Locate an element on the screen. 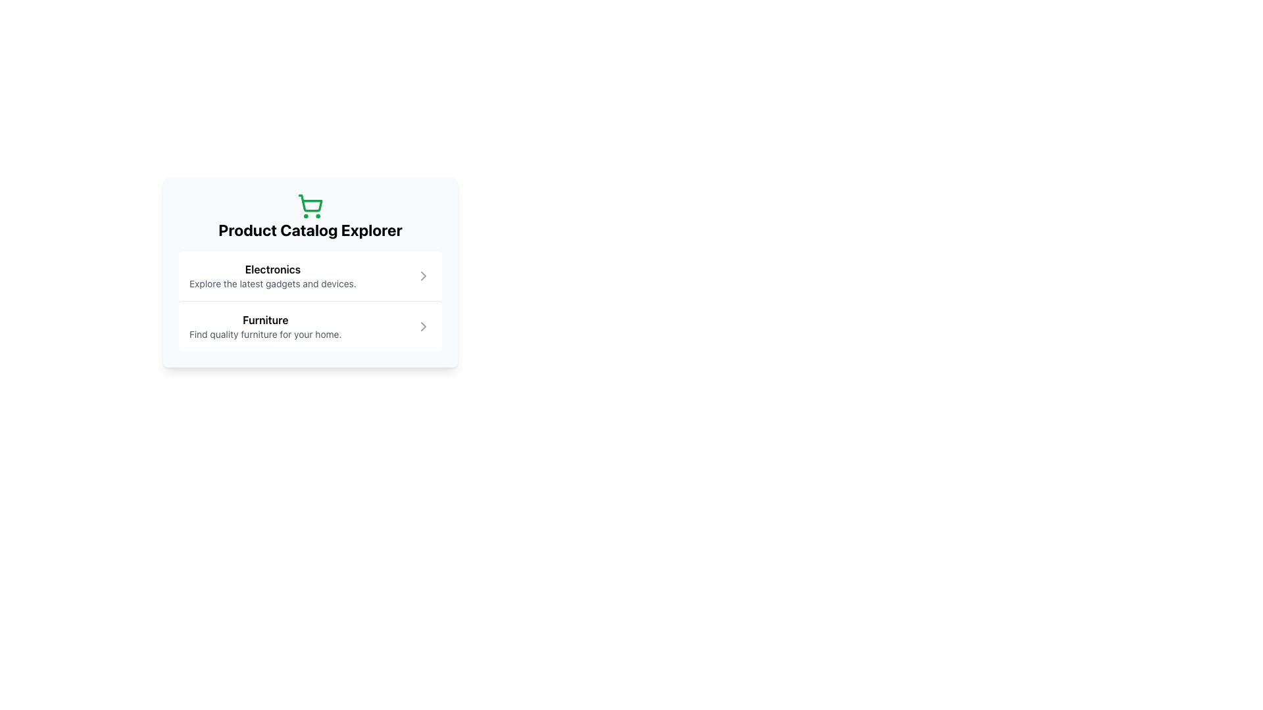 The image size is (1263, 710). the text element that says 'Find quality furniture for your home.' located below the 'Furniture' heading in the 'Product Catalog Explorer' section is located at coordinates (264, 334).